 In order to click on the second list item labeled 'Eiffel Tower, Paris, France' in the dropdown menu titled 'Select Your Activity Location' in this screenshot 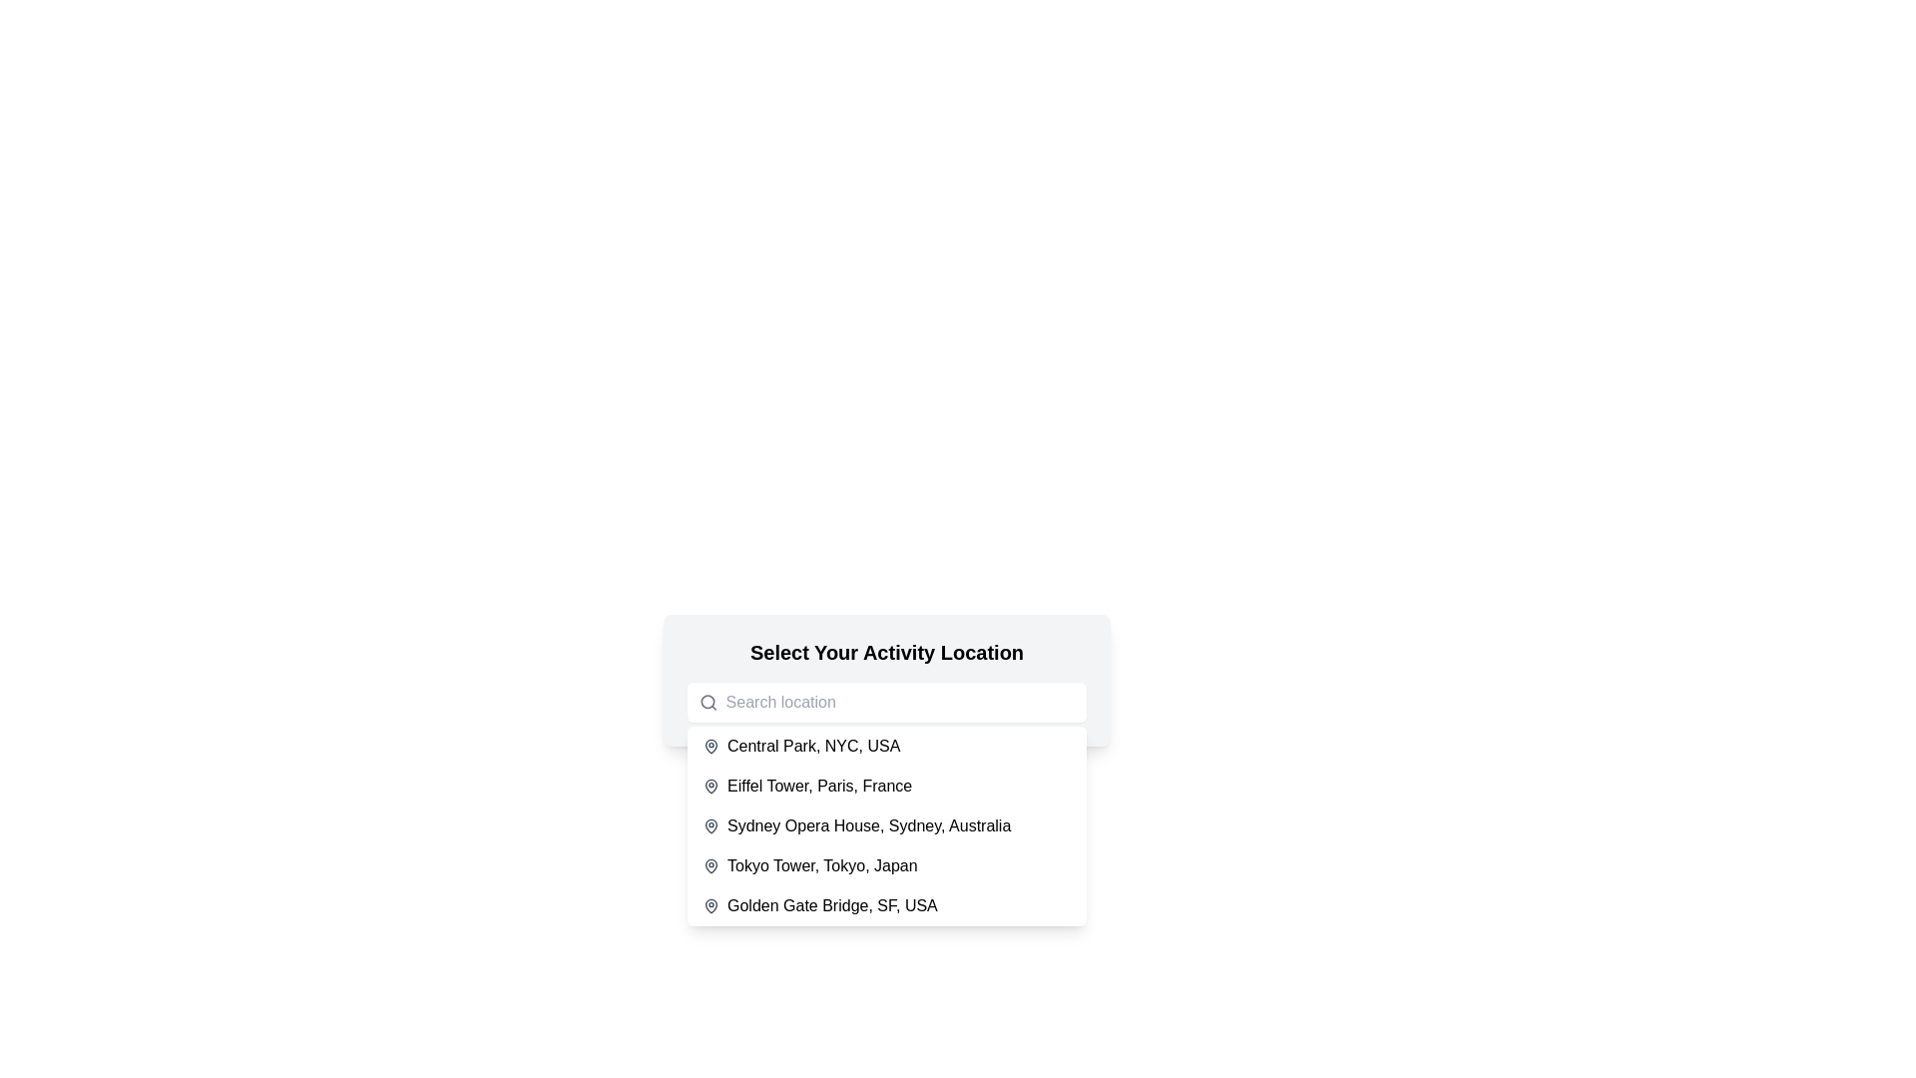, I will do `click(885, 785)`.